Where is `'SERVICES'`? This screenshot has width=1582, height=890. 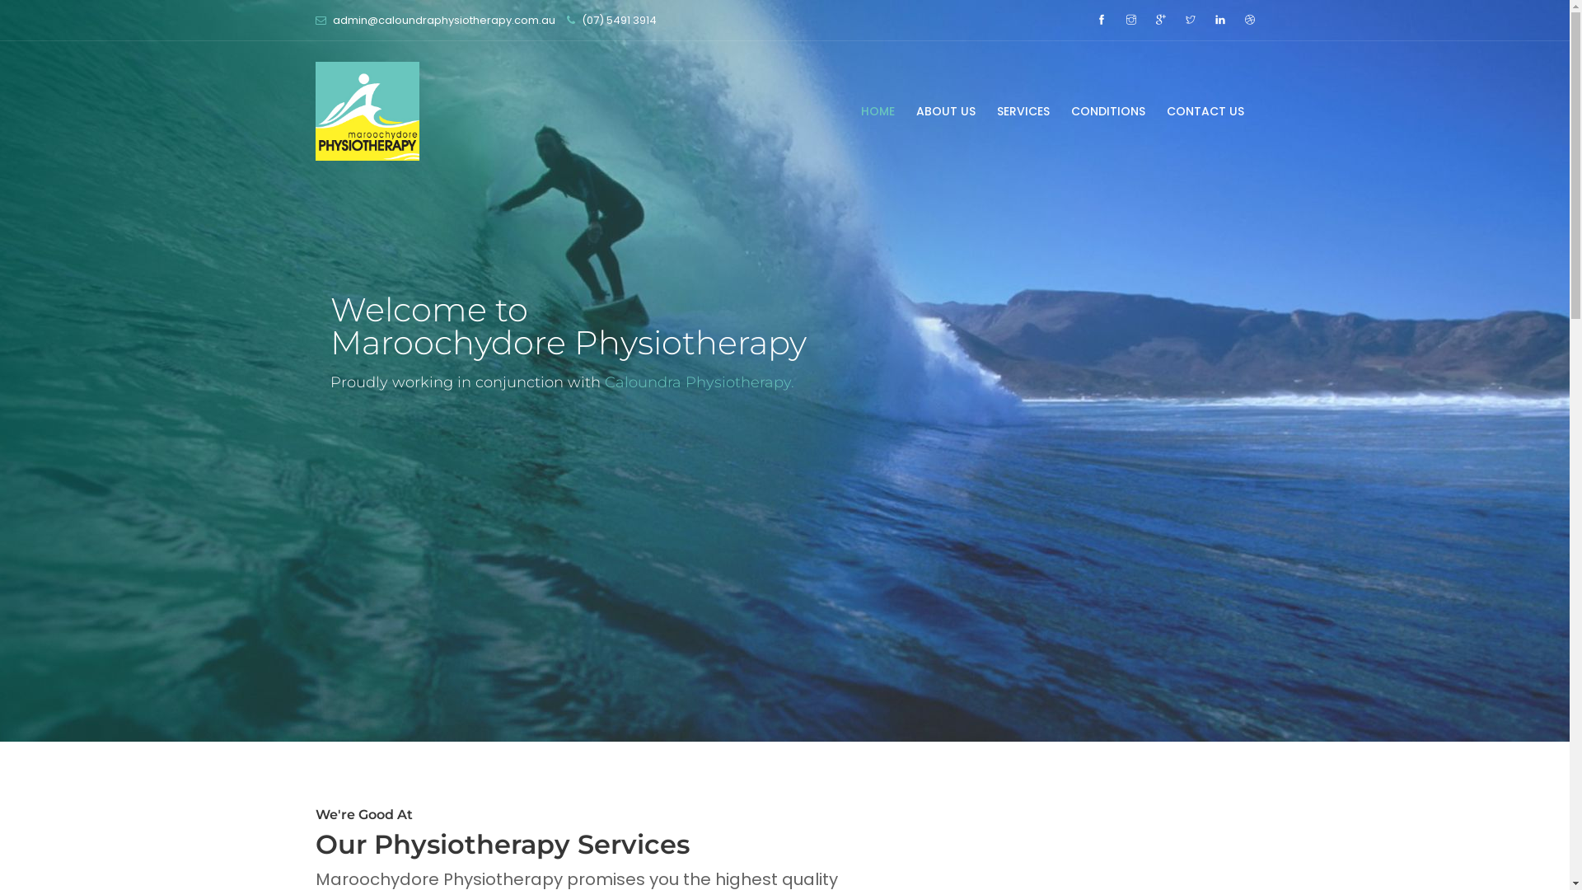
'SERVICES' is located at coordinates (985, 111).